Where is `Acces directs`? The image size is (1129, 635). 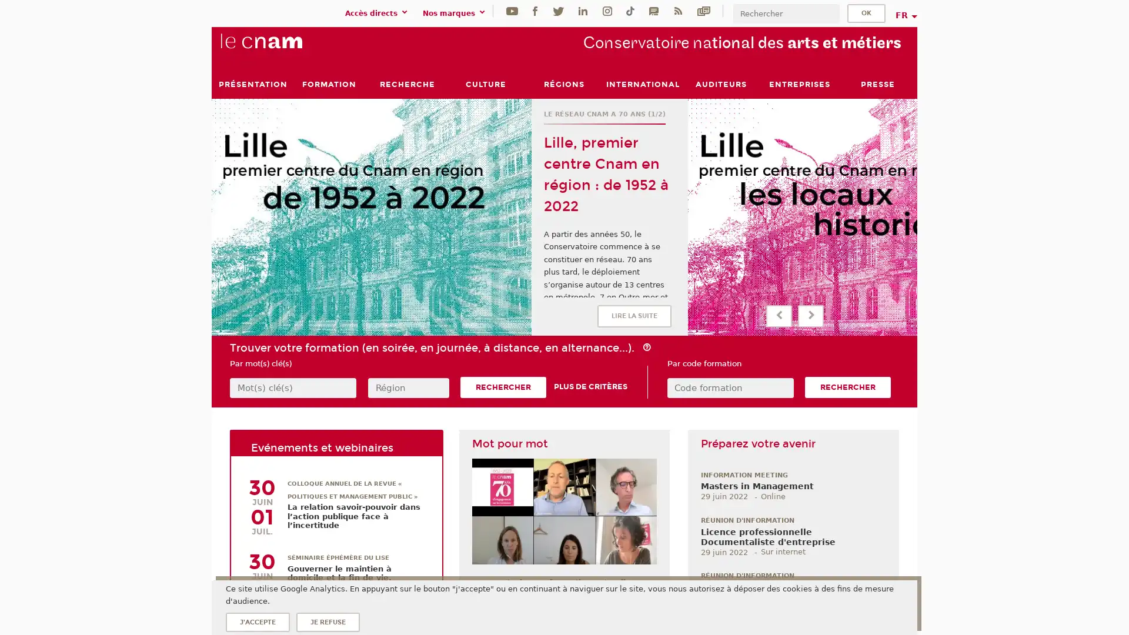 Acces directs is located at coordinates (378, 13).